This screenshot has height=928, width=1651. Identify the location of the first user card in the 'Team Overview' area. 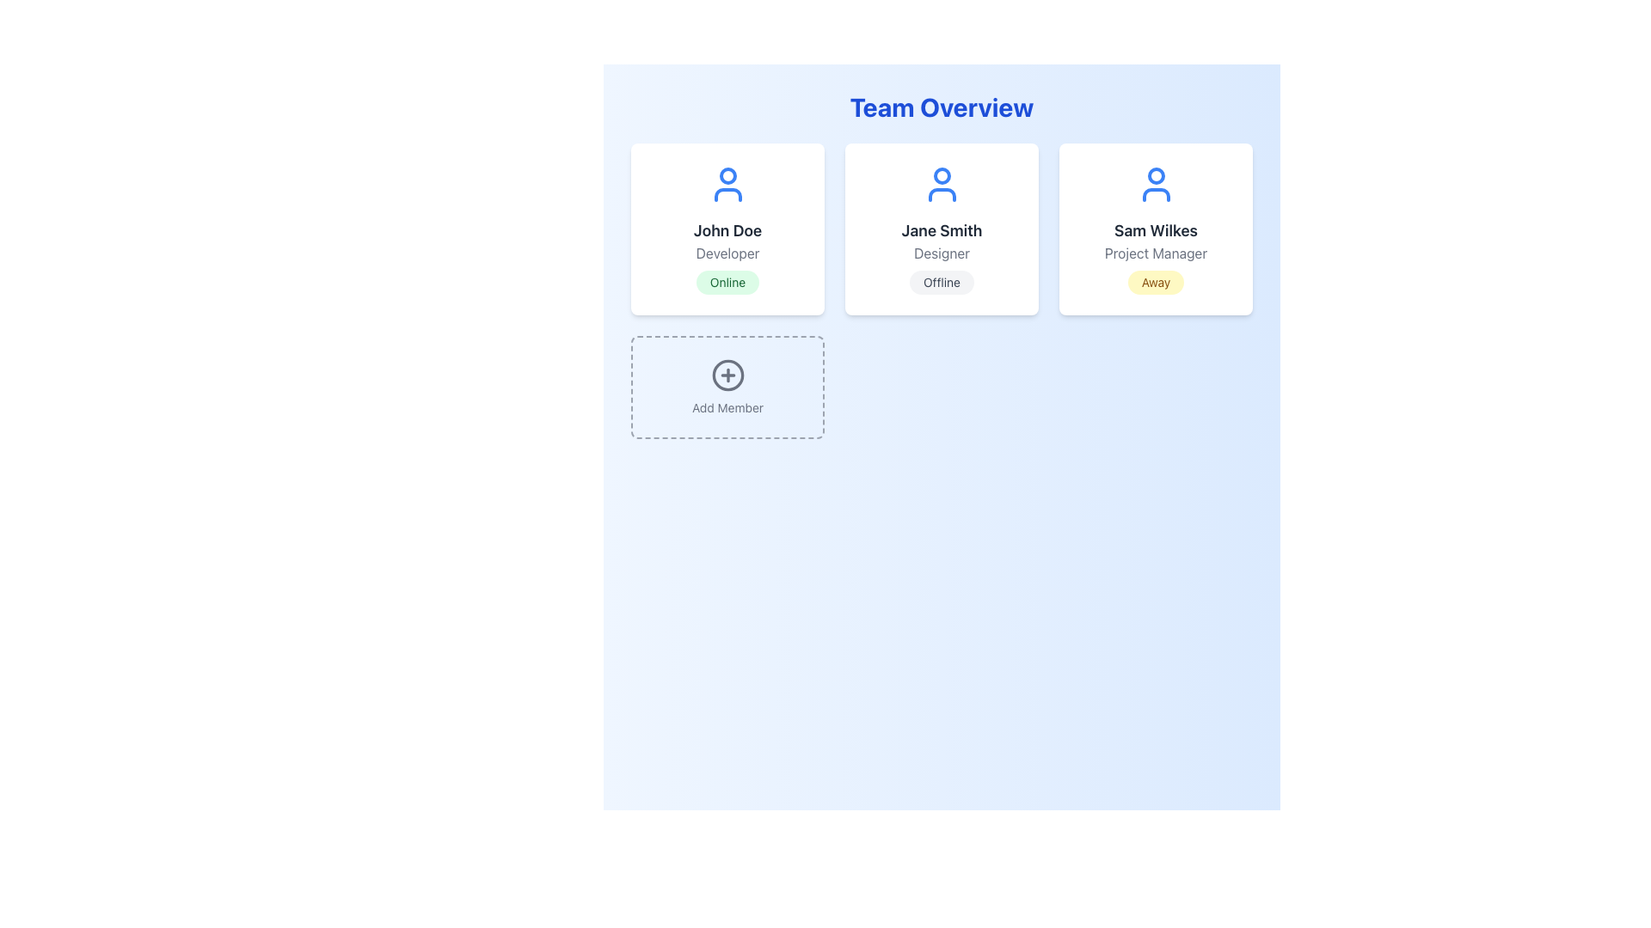
(727, 228).